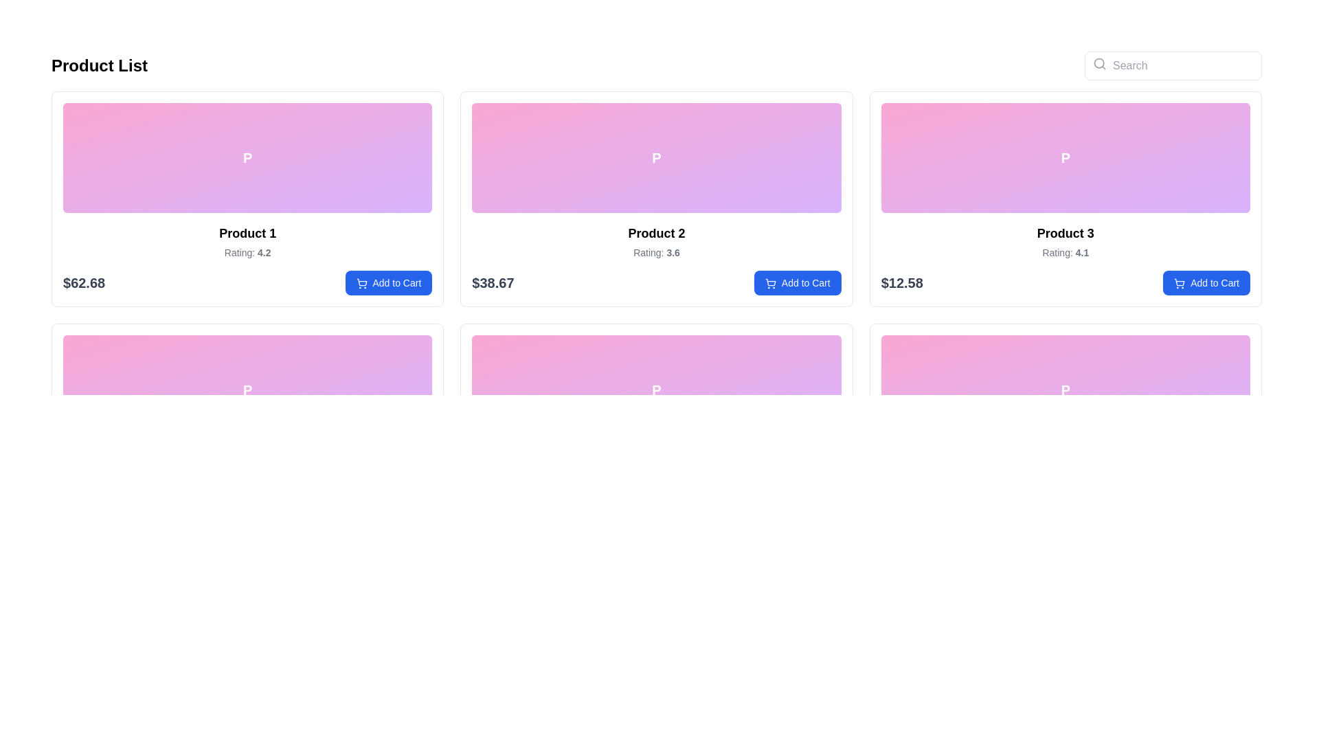 The image size is (1319, 742). What do you see at coordinates (655, 199) in the screenshot?
I see `the second product card in the grid layout` at bounding box center [655, 199].